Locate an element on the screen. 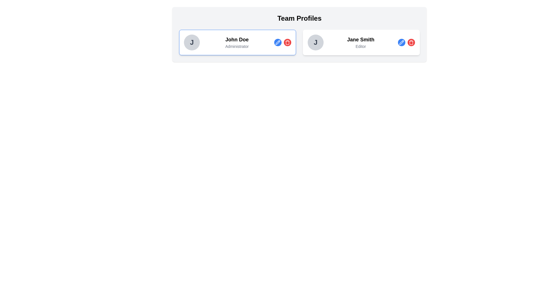 The width and height of the screenshot is (545, 306). the bold text label 'Jane Smith' located is located at coordinates (360, 39).